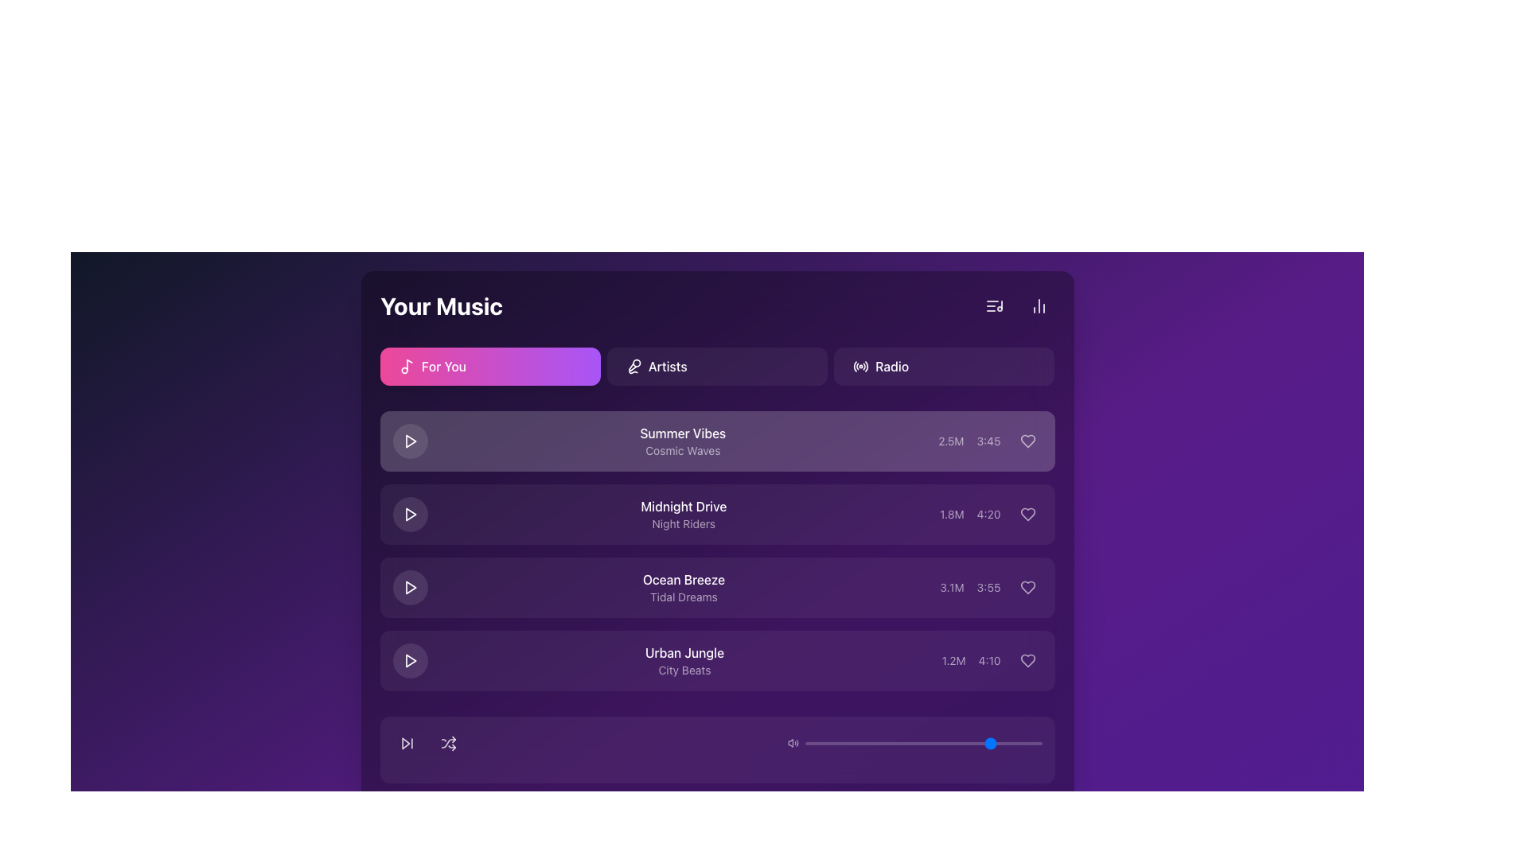 This screenshot has width=1528, height=859. I want to click on the play button for the music track 'Ocean Breeze - Tidal Dreams' located in the third row of the playlist, so click(410, 588).